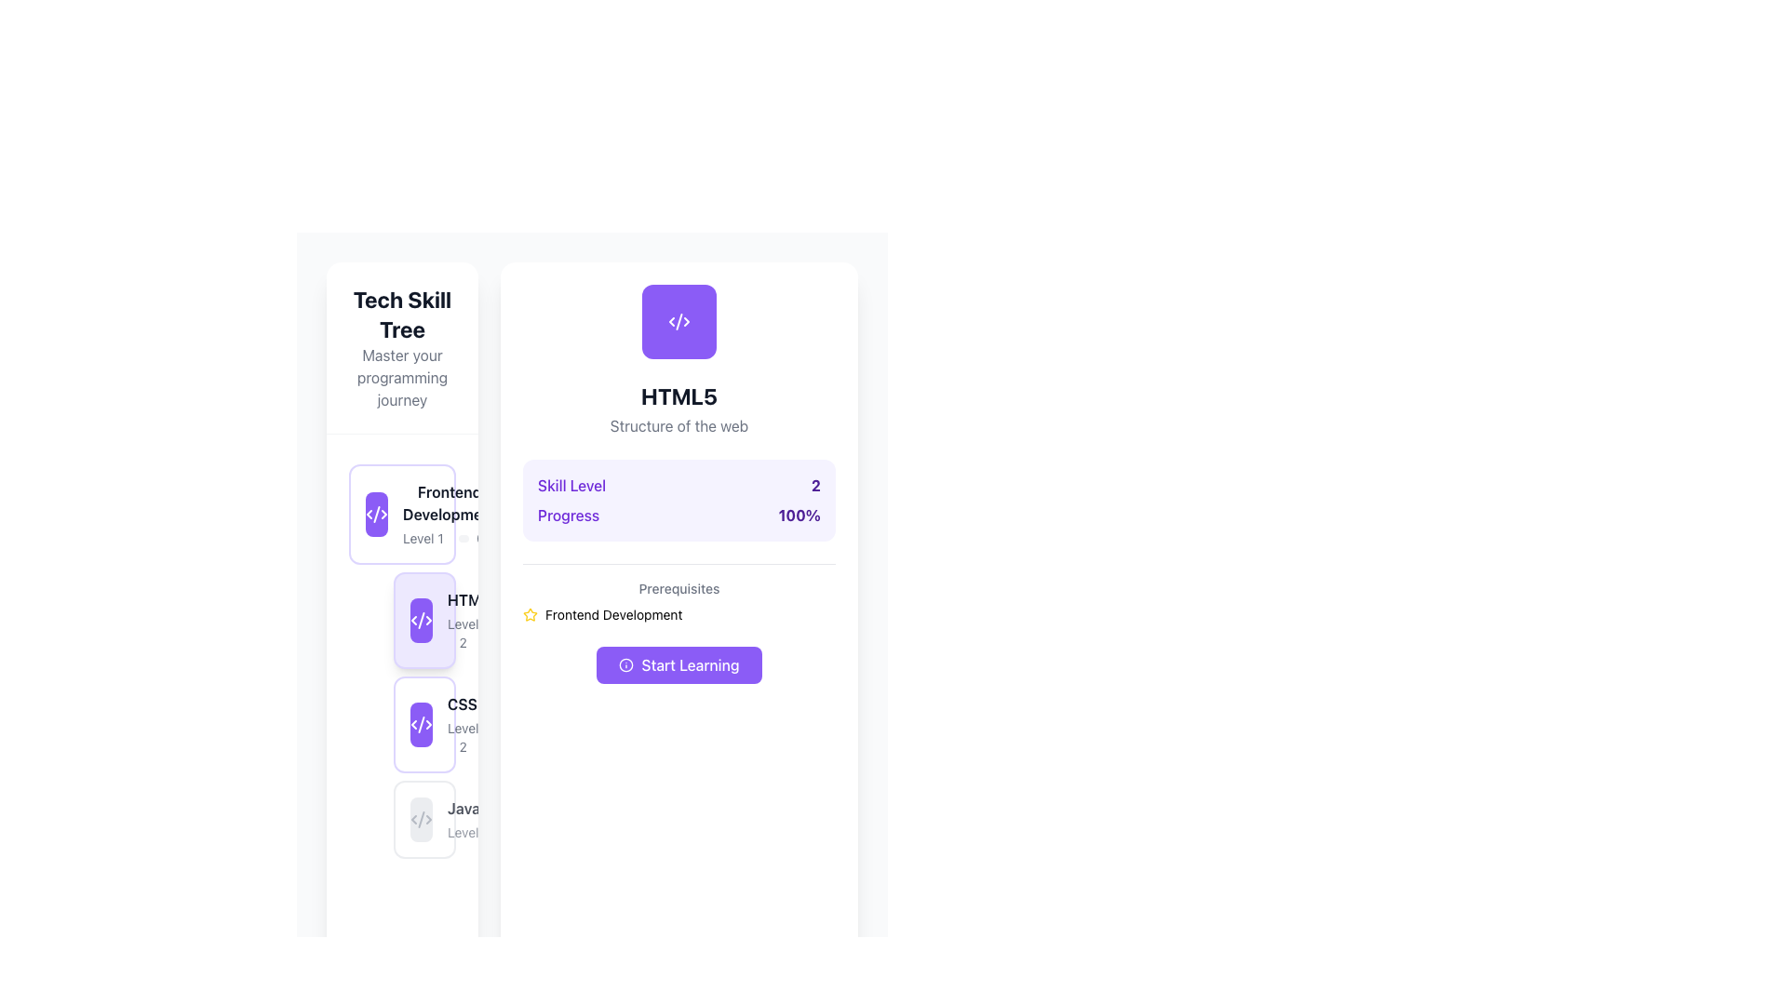  What do you see at coordinates (467, 703) in the screenshot?
I see `text content of the 'CSS3' label, which is the third item in the vertical list of skill items within the 'Tech Skill Tree' sidebar` at bounding box center [467, 703].